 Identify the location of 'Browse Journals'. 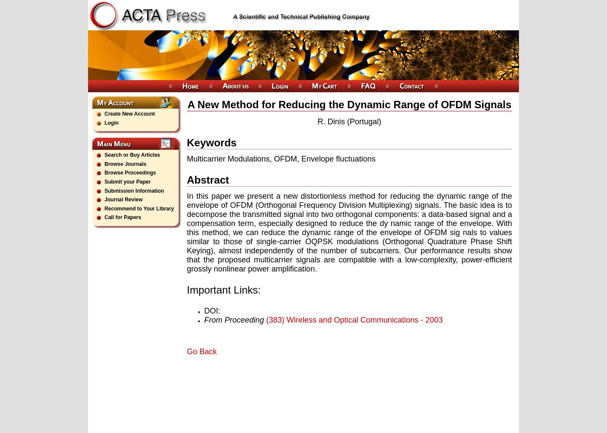
(125, 164).